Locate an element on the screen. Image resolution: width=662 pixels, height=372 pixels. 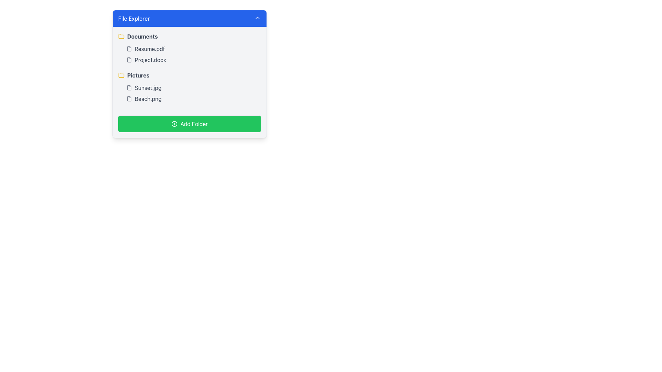
the 'Add Folder' button, which is a rectangular button with a vibrant green background and white text, located at the bottom center of the file explorer panel is located at coordinates (190, 123).